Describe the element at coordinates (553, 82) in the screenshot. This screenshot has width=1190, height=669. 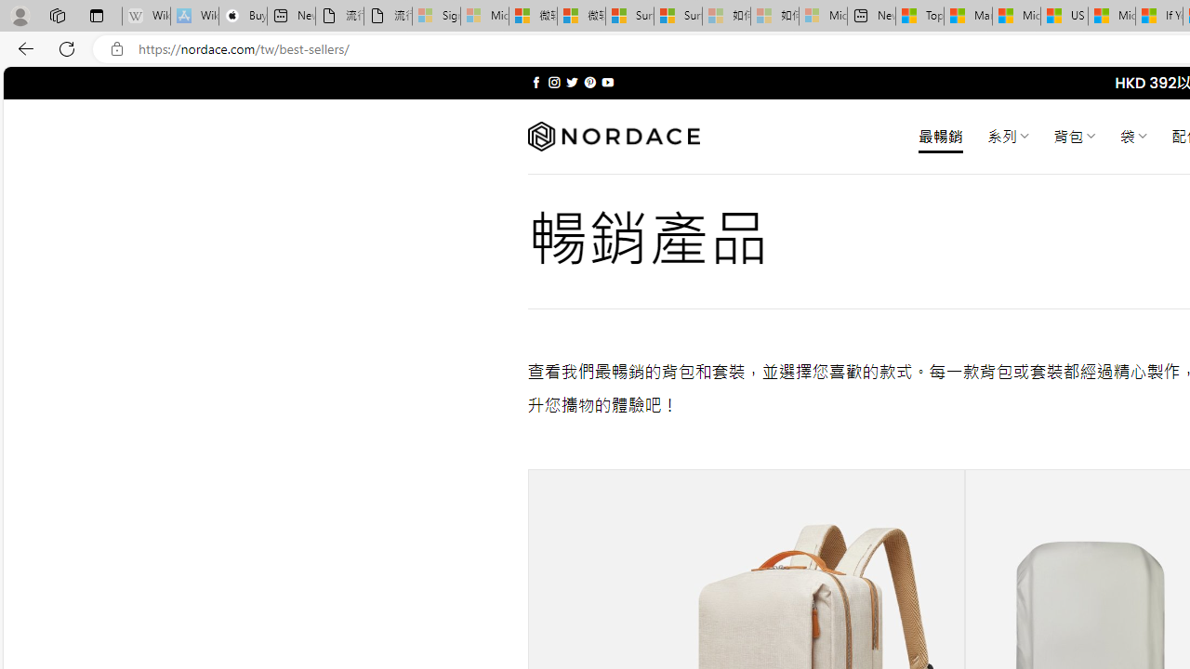
I see `'Follow on Instagram'` at that location.